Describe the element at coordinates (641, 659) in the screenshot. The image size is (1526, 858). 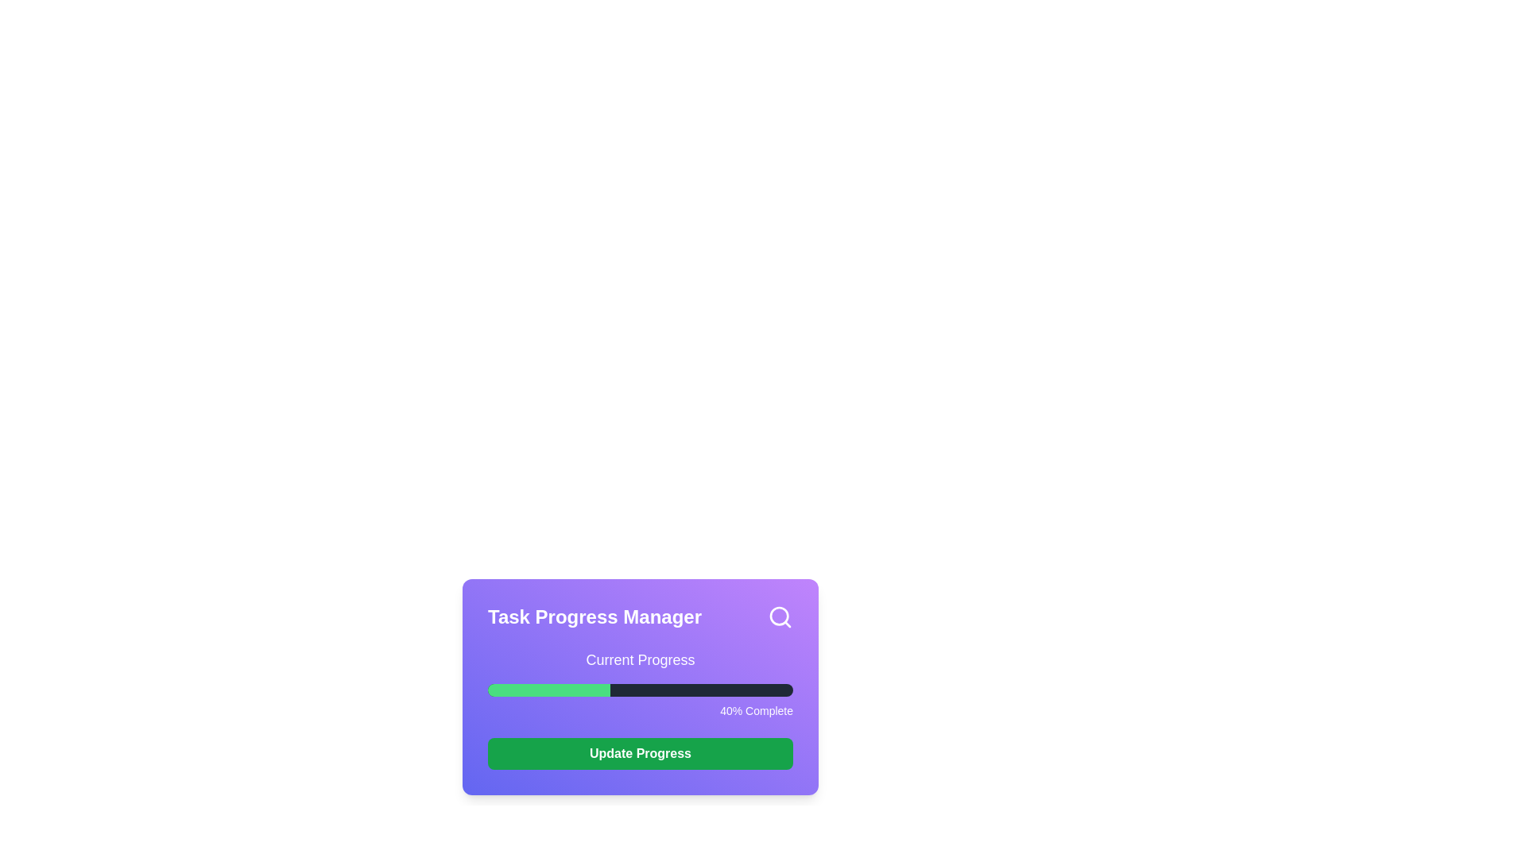
I see `text label displaying 'Current Progress' which is prominently styled in white on a purple gradient background, located at the top-center of the interface above the progress bar` at that location.